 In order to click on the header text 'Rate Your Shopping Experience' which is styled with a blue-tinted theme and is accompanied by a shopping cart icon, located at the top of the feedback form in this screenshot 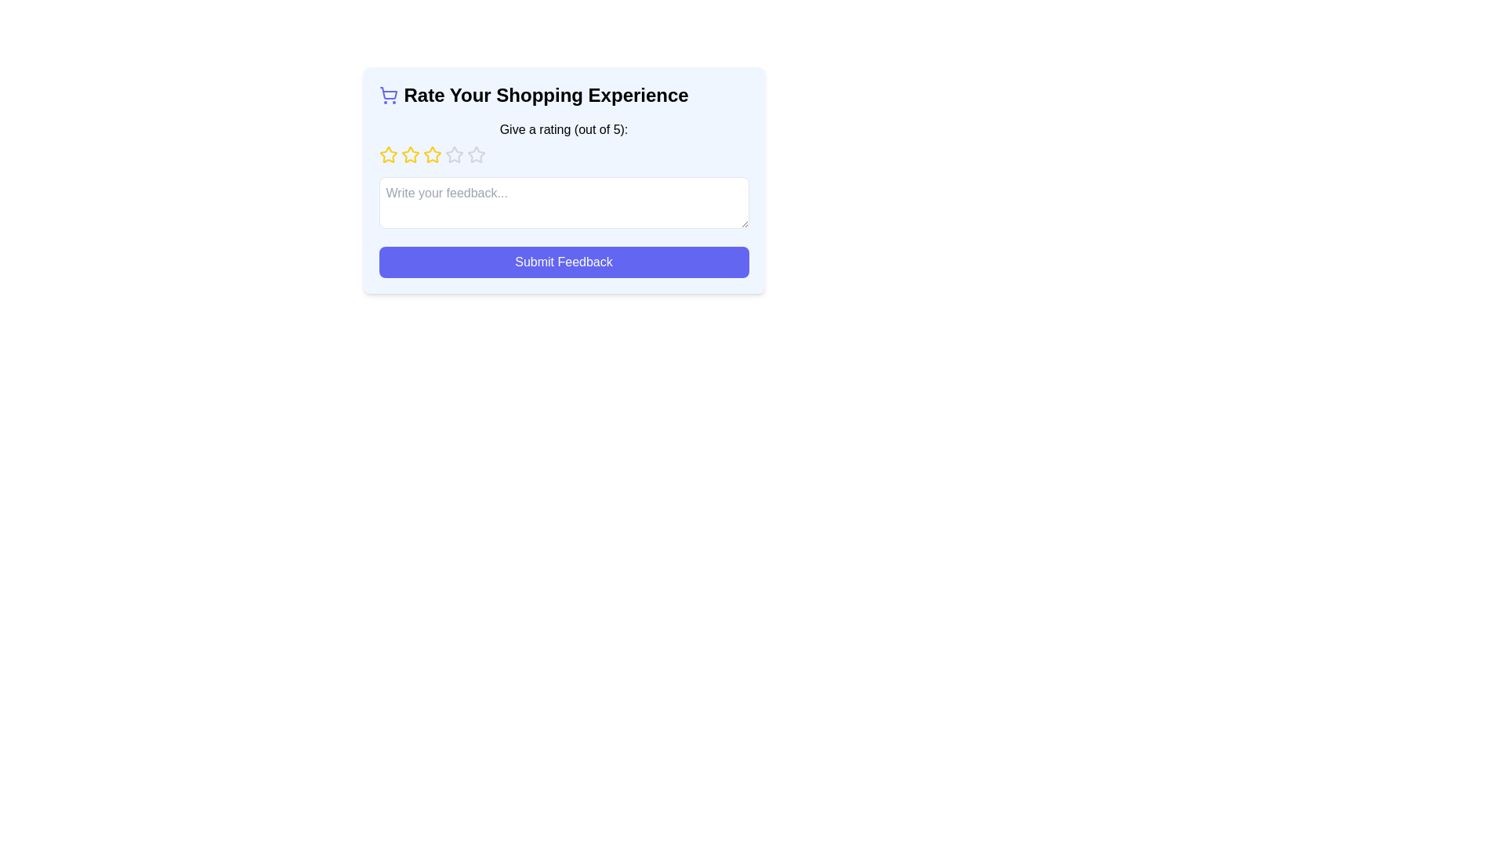, I will do `click(564, 96)`.